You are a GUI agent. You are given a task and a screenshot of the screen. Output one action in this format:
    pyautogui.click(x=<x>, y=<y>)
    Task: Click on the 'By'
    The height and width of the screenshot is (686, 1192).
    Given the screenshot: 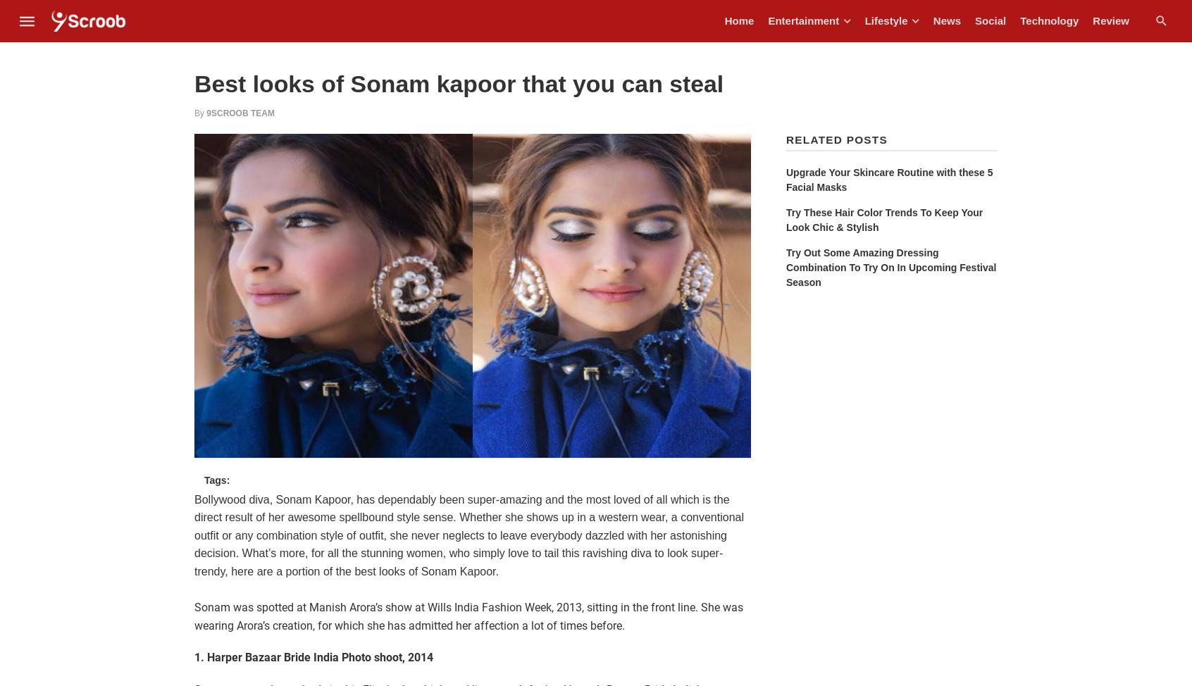 What is the action you would take?
    pyautogui.click(x=199, y=112)
    